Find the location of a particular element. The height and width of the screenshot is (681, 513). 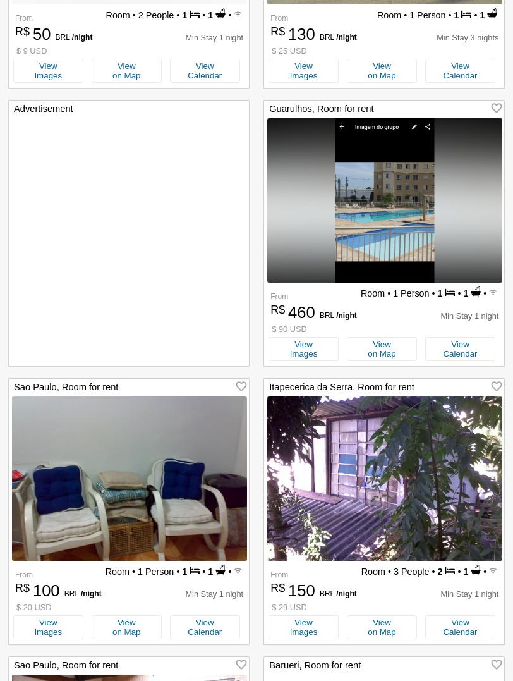

'Itapecerica da Serra, Room for rent' is located at coordinates (341, 386).